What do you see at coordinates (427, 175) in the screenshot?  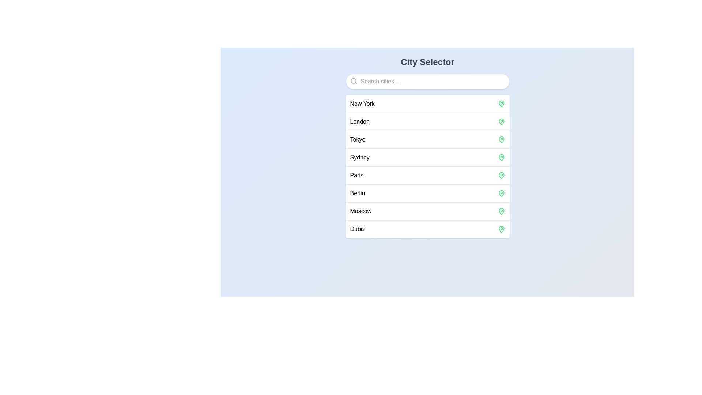 I see `the fifth item in the city selector list` at bounding box center [427, 175].